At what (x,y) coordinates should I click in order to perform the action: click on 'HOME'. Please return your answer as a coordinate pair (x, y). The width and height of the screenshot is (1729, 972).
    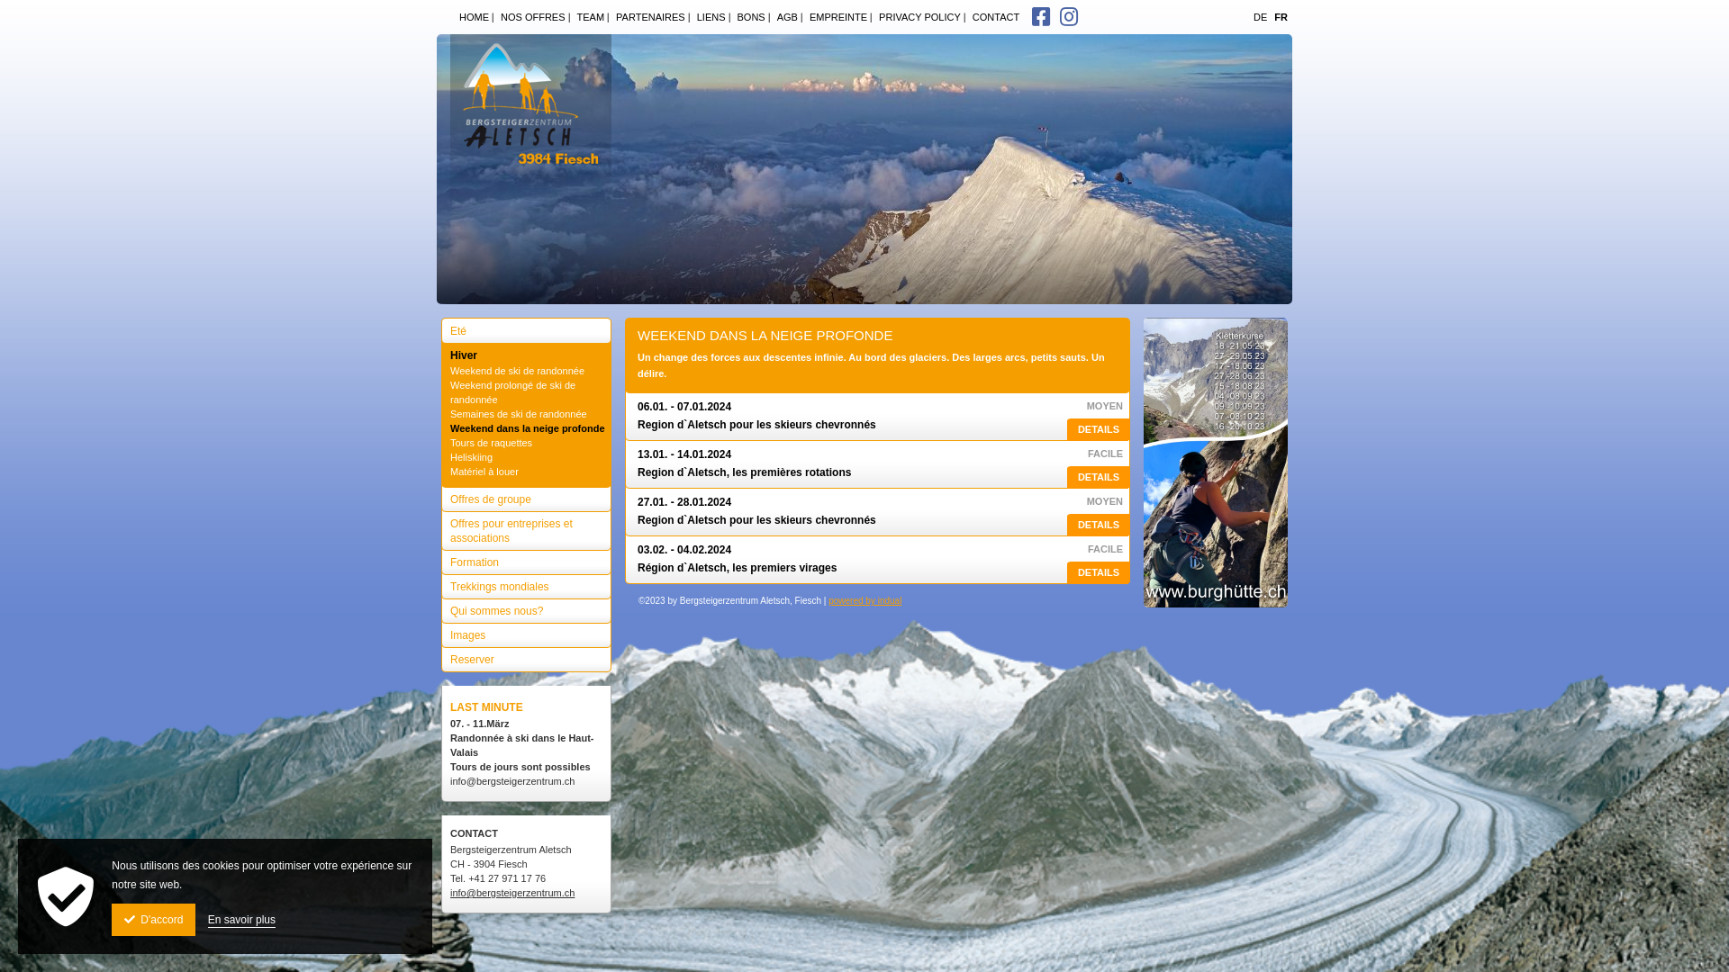
    Looking at the image, I should click on (471, 17).